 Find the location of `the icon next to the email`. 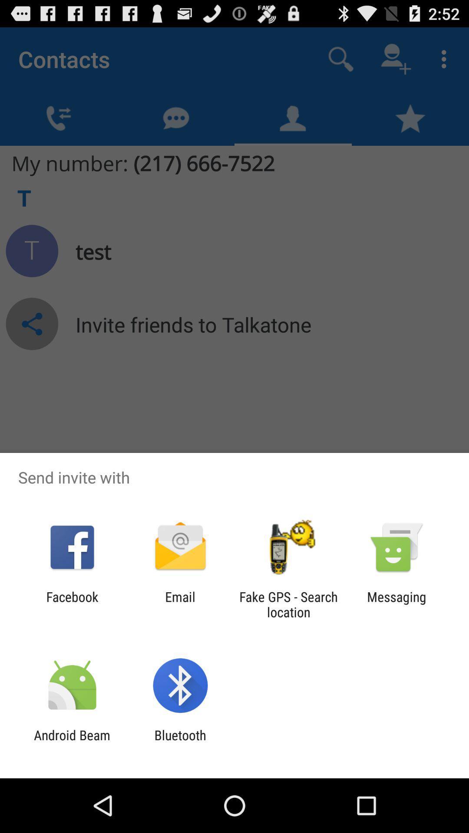

the icon next to the email is located at coordinates (288, 604).